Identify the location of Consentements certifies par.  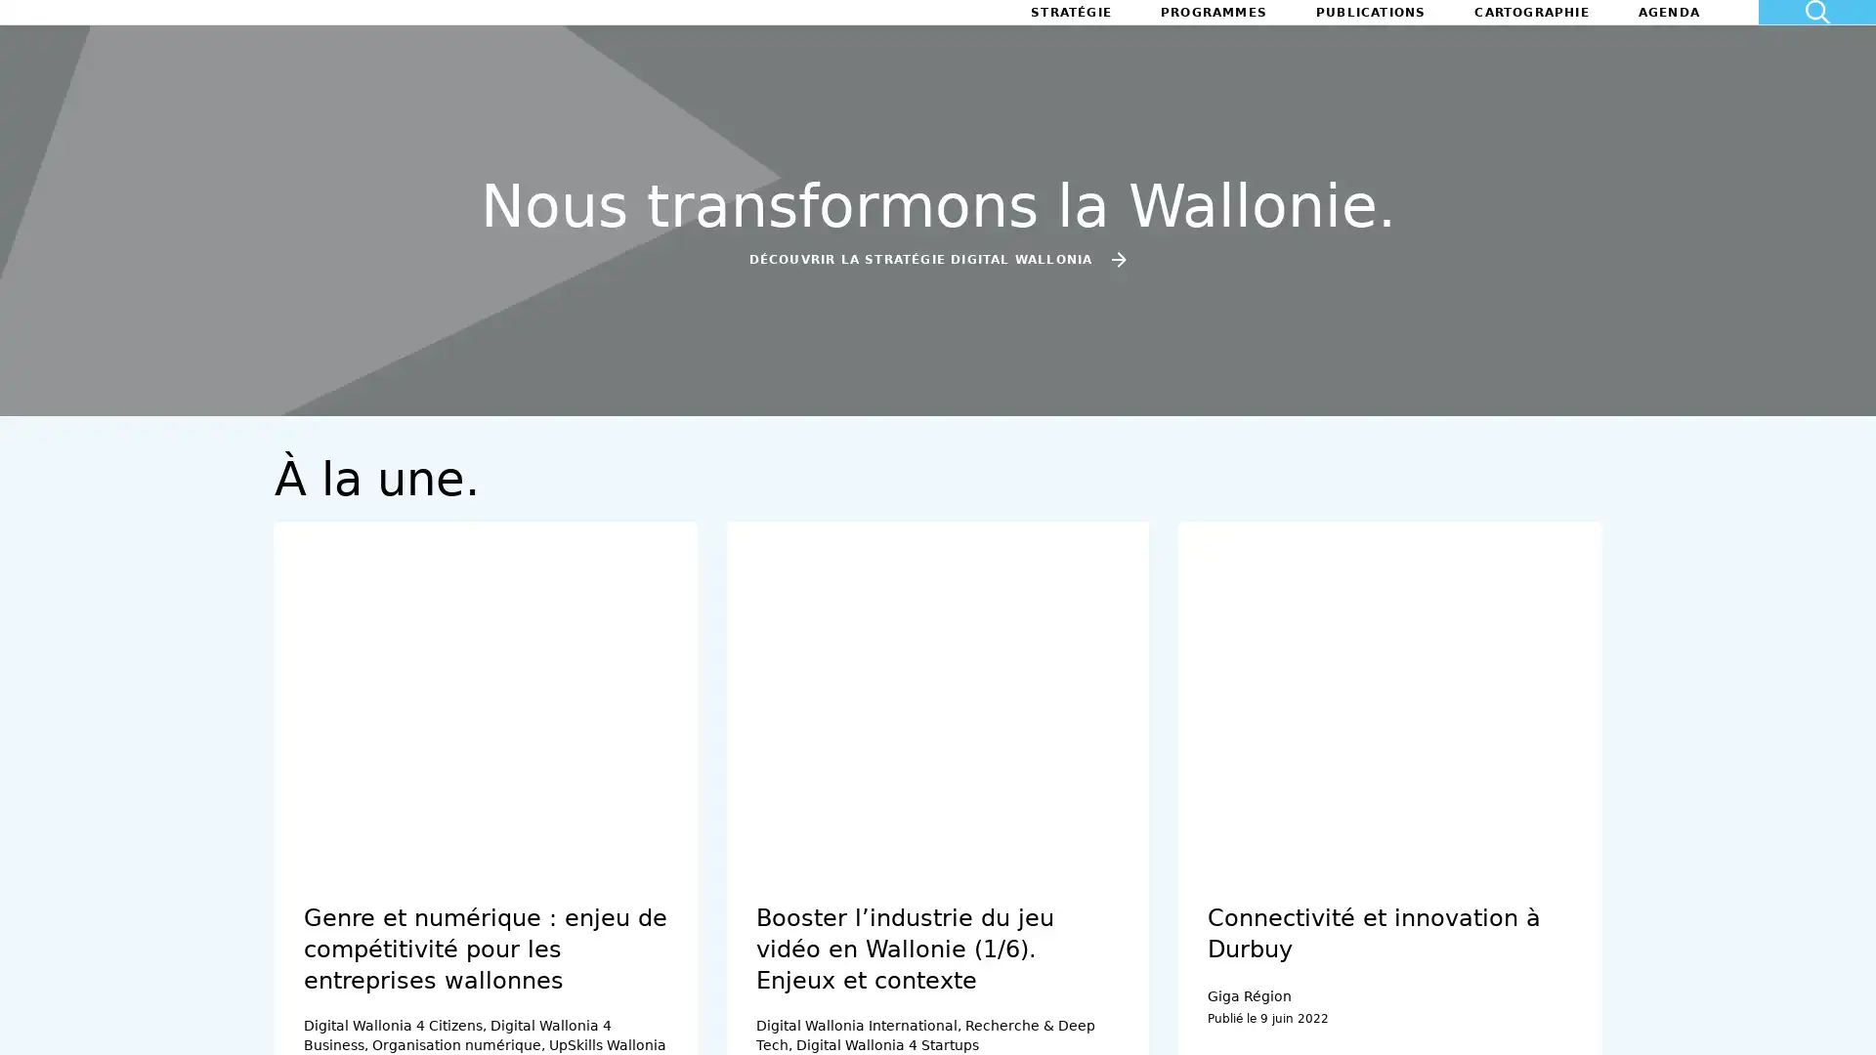
(224, 922).